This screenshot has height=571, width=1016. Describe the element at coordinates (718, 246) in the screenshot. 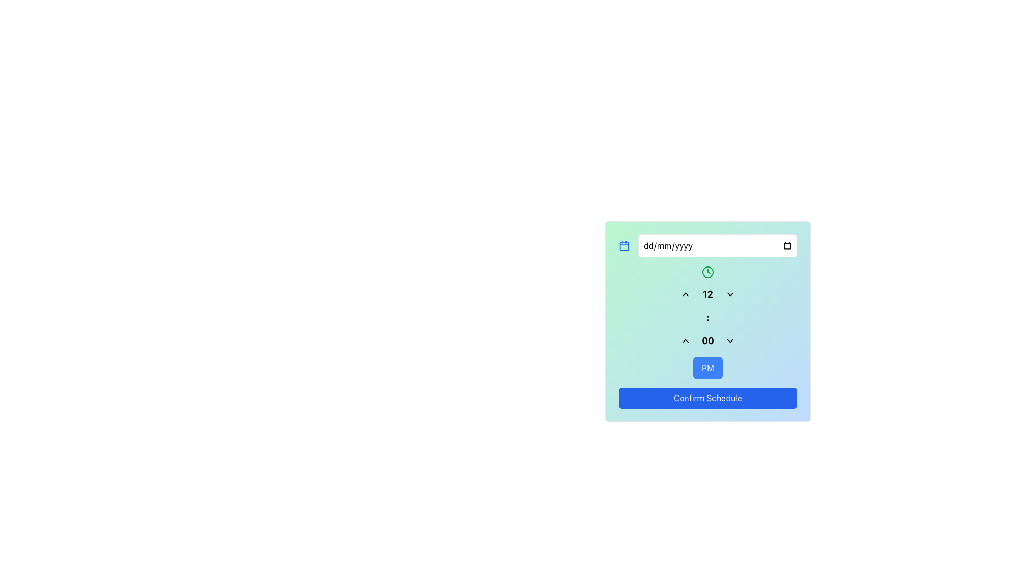

I see `the Date Picker Input field` at that location.